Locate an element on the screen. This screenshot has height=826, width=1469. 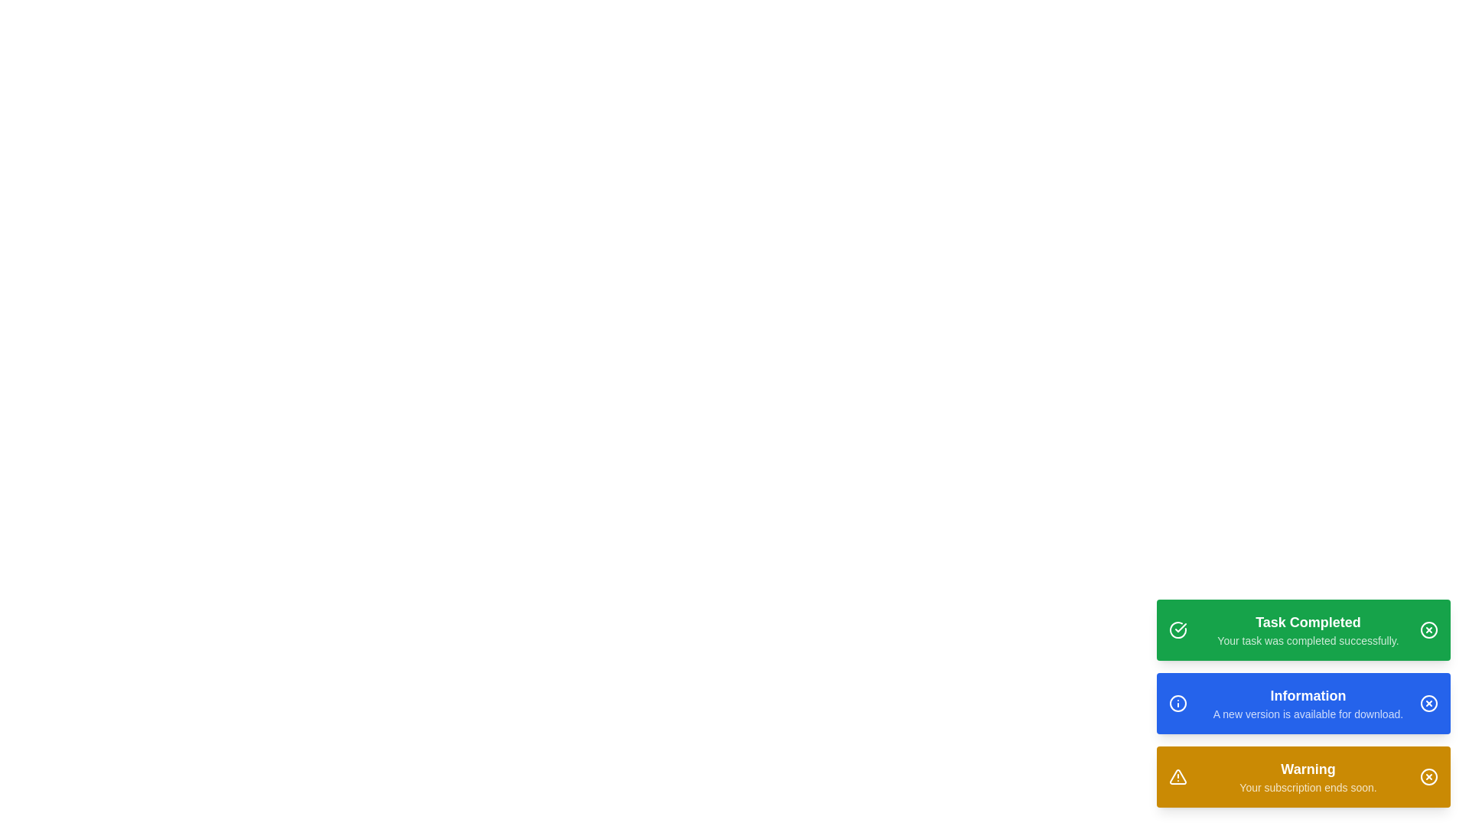
the text label that indicates the completion of a task, positioned at the top of a notification card is located at coordinates (1307, 622).